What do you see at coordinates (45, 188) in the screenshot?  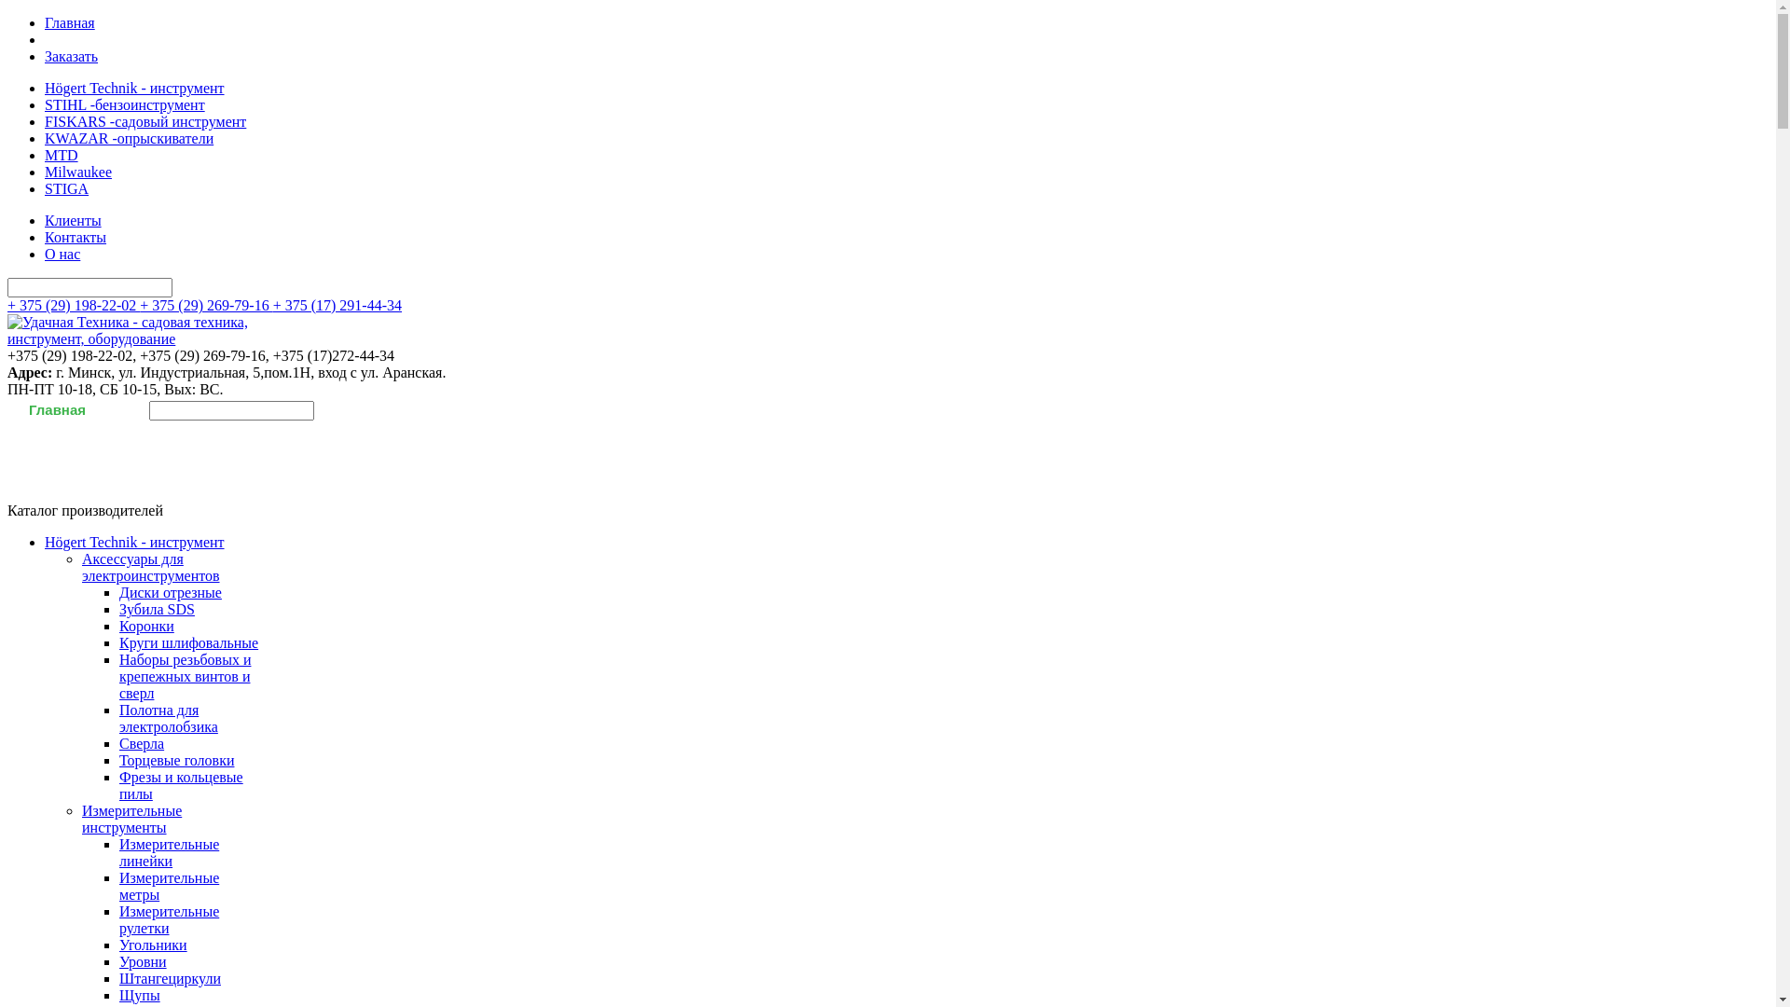 I see `'STIGA'` at bounding box center [45, 188].